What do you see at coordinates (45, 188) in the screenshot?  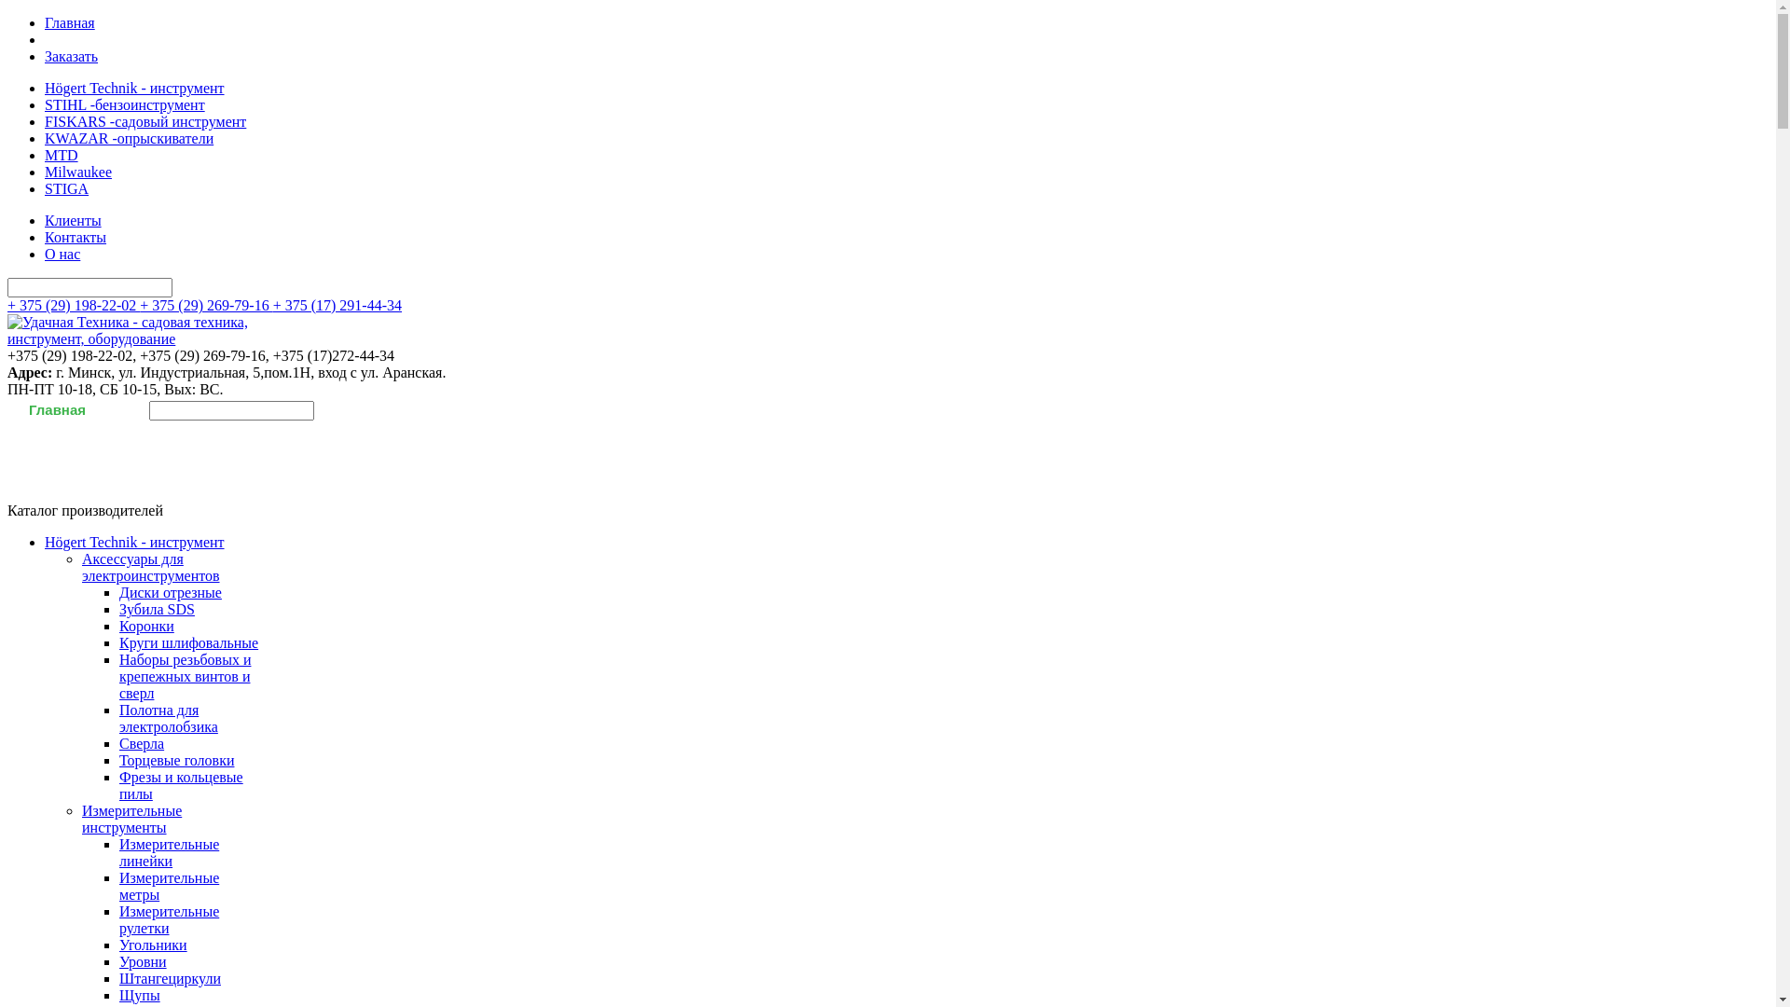 I see `'STIGA'` at bounding box center [45, 188].